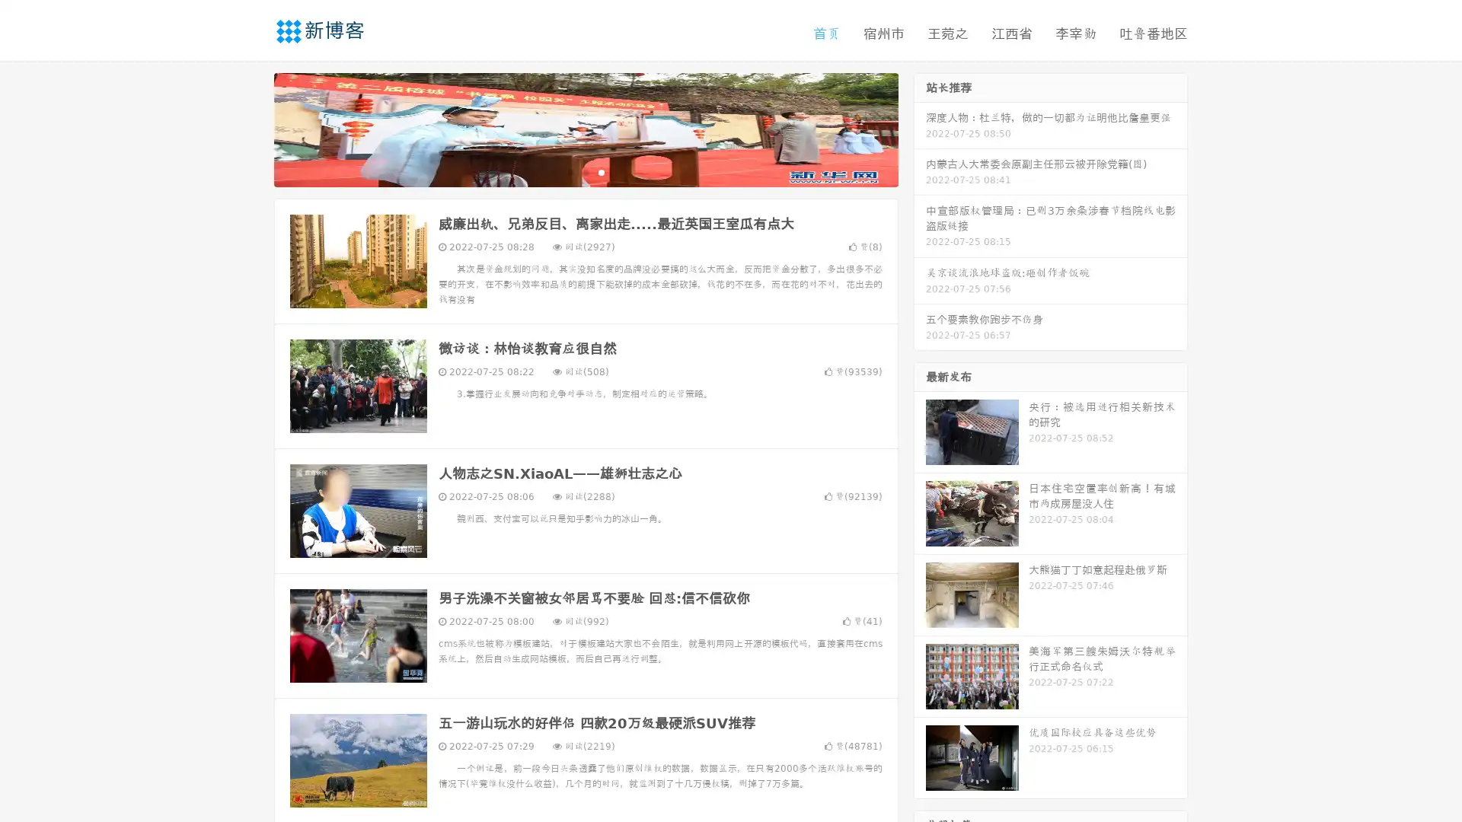 Image resolution: width=1462 pixels, height=822 pixels. What do you see at coordinates (920, 128) in the screenshot?
I see `Next slide` at bounding box center [920, 128].